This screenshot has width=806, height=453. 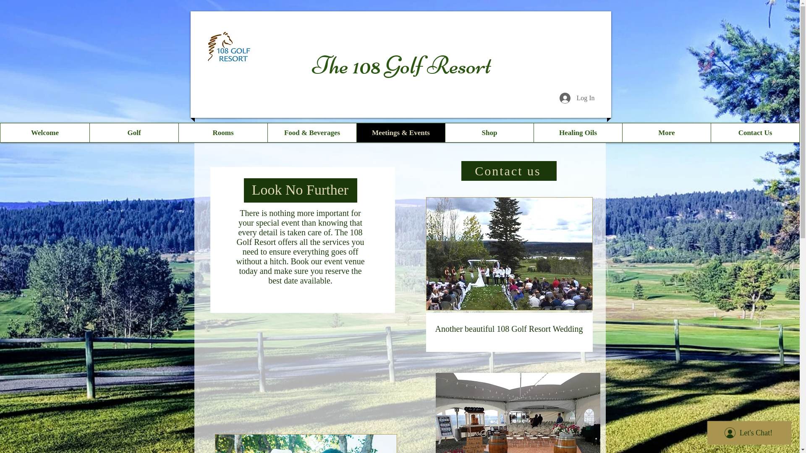 What do you see at coordinates (576, 98) in the screenshot?
I see `'Log In'` at bounding box center [576, 98].